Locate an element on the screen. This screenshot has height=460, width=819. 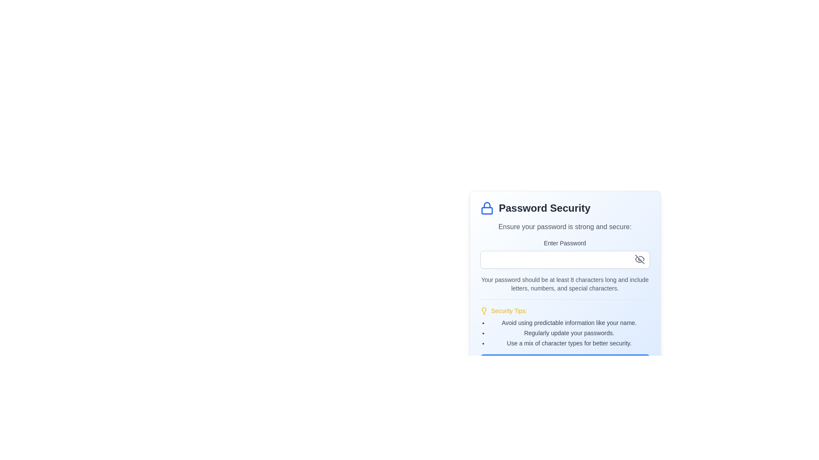
the 'Password Security' heading which includes a lock icon, positioned at the top of the password information card is located at coordinates (565, 208).